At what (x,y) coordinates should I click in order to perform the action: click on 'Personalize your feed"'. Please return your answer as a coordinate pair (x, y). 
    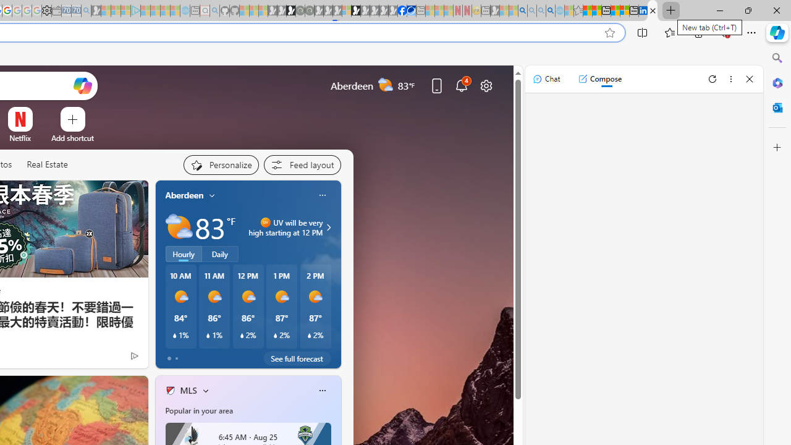
    Looking at the image, I should click on (221, 164).